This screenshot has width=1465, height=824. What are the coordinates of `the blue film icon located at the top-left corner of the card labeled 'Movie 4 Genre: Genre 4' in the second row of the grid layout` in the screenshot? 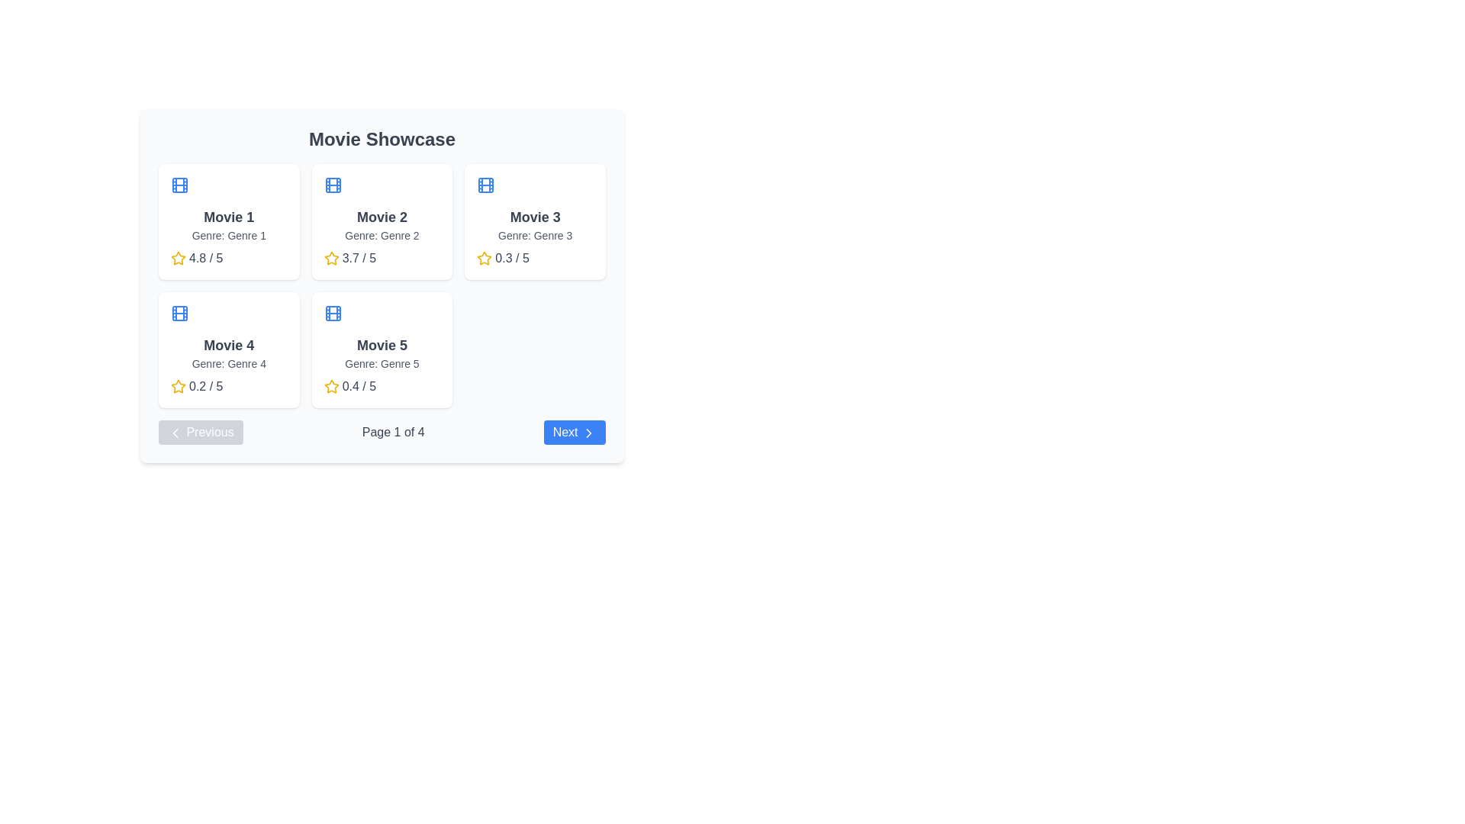 It's located at (179, 313).